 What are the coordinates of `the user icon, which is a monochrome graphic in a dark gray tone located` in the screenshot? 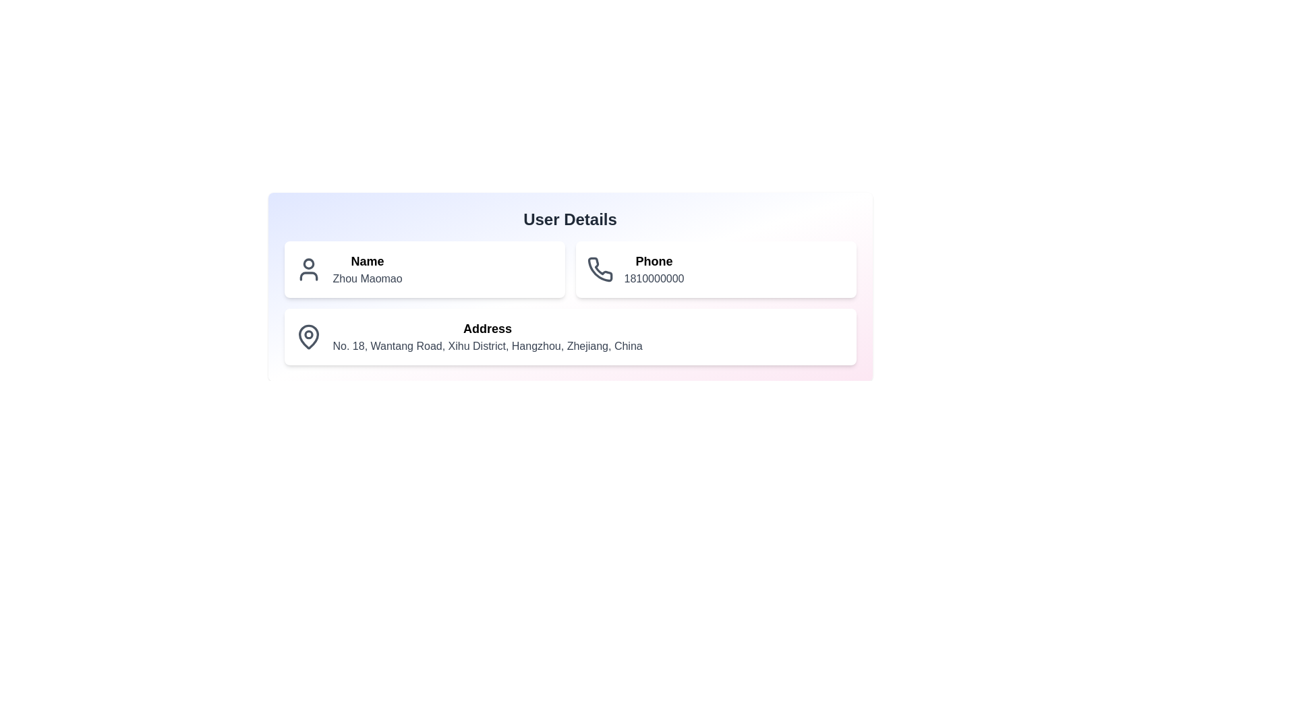 It's located at (308, 270).